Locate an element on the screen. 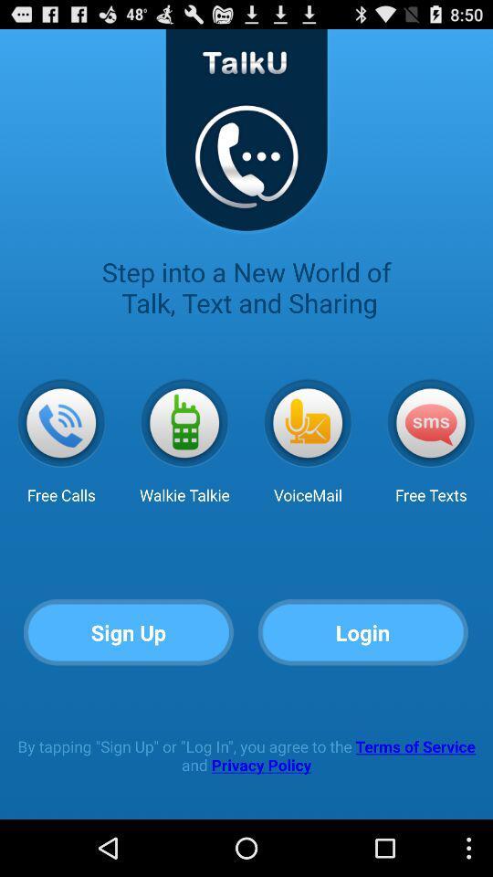 The width and height of the screenshot is (493, 877). the item to the right of sign up button is located at coordinates (363, 633).